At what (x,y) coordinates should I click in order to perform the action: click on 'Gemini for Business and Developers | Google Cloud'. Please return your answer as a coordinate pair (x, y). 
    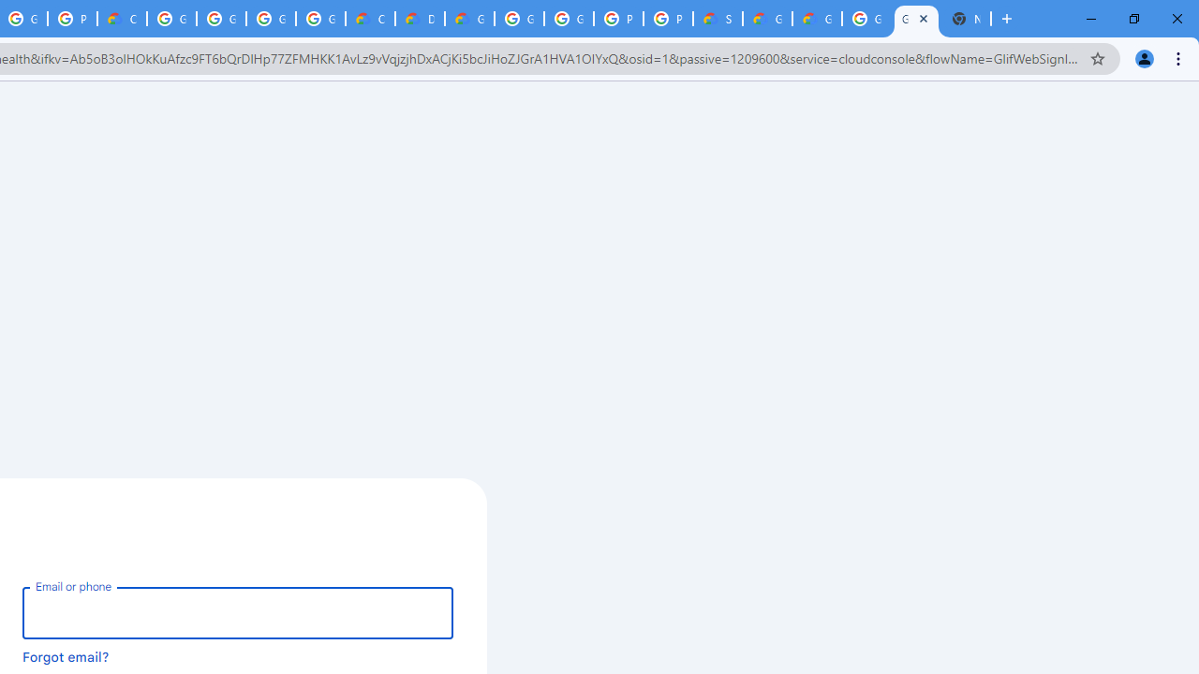
    Looking at the image, I should click on (469, 19).